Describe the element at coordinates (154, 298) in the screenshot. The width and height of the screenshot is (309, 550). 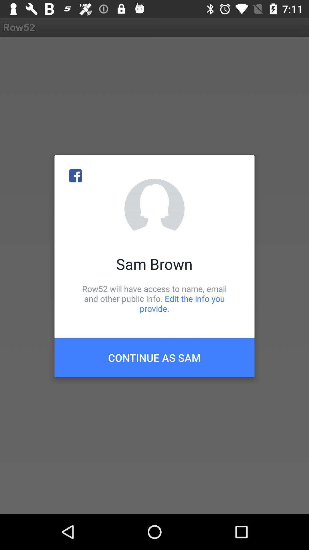
I see `row52 will have icon` at that location.